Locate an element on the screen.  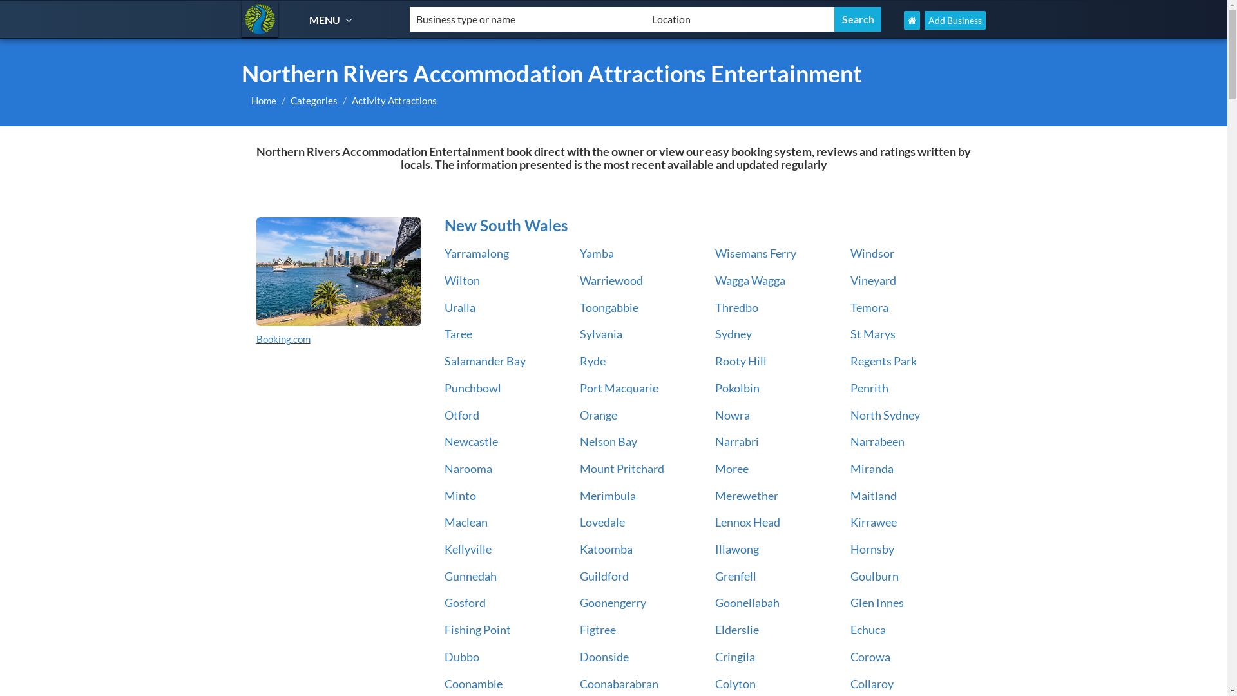
'Moree' is located at coordinates (732, 468).